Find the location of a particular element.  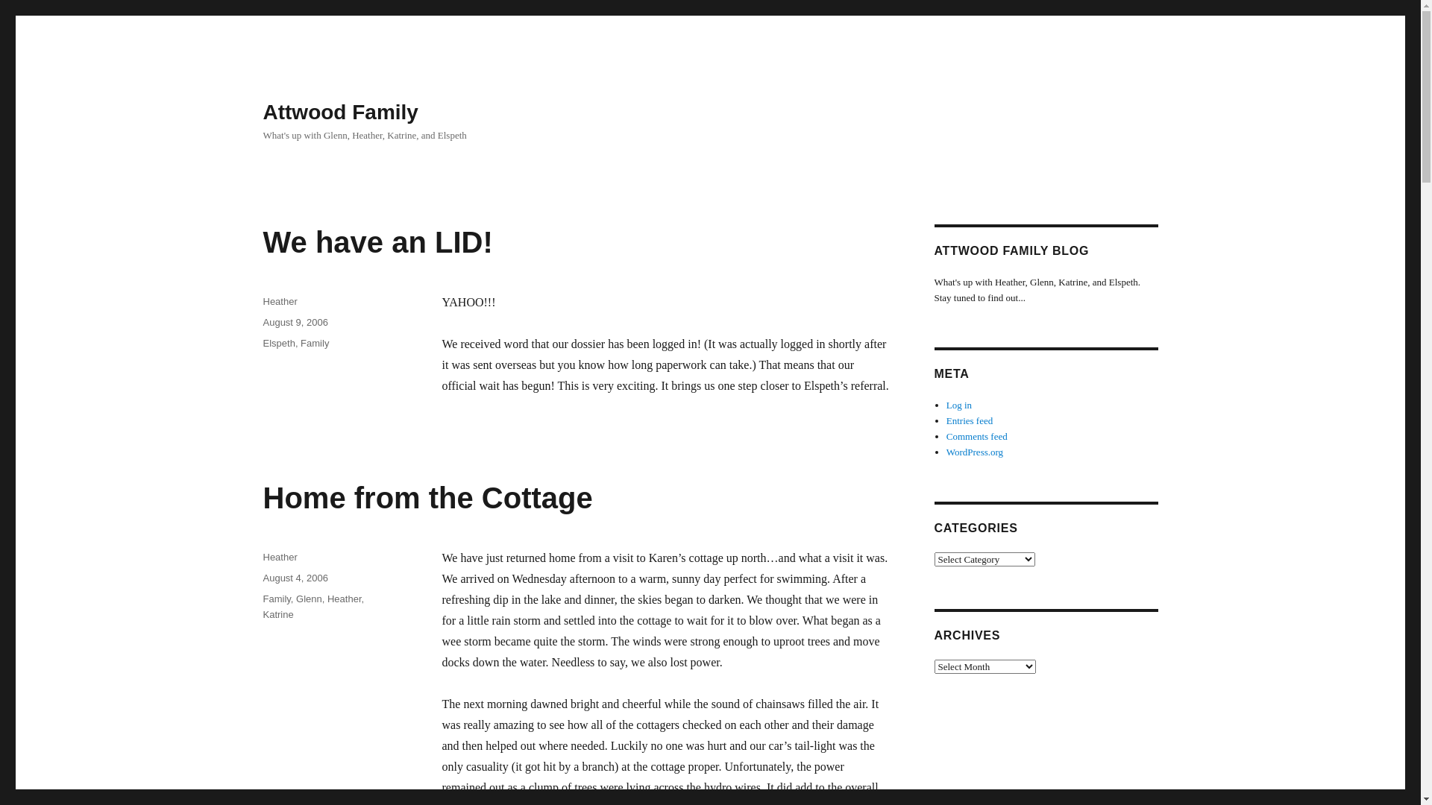

'Glenn' is located at coordinates (296, 598).